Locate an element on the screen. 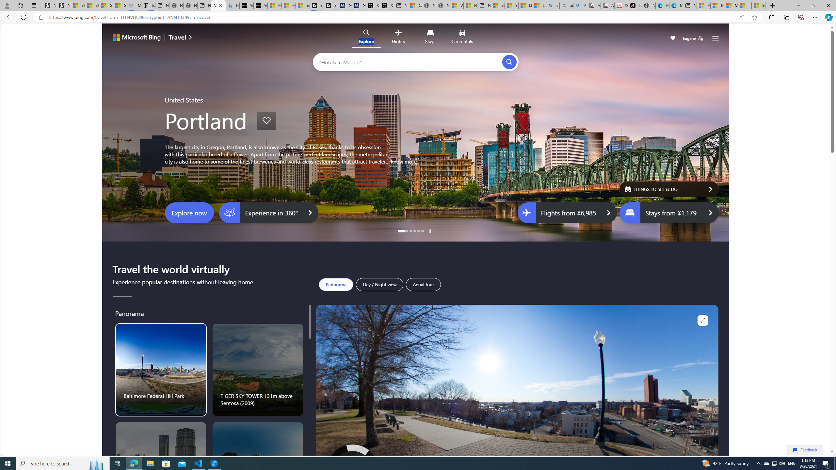 The height and width of the screenshot is (470, 836). 'Browser essentials' is located at coordinates (800, 17).